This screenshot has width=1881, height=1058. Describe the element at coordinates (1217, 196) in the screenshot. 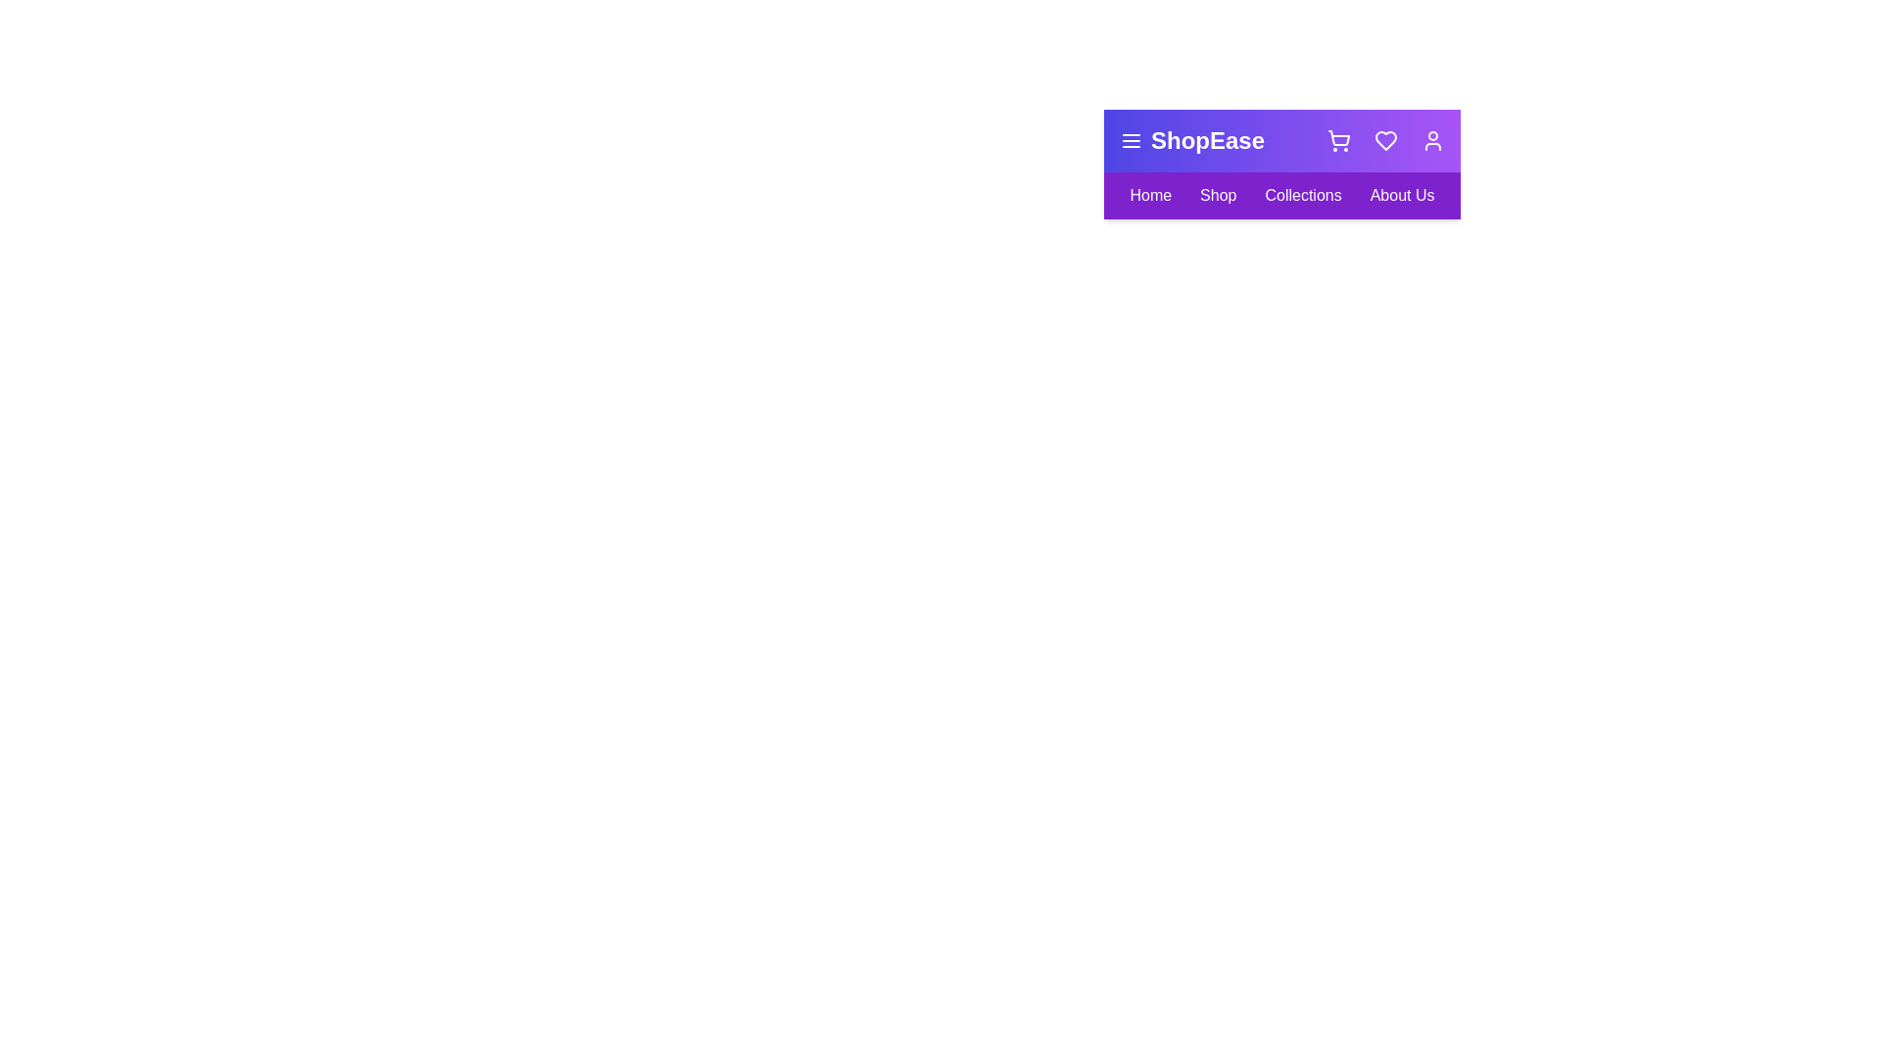

I see `the 'Shop' link in the navigation bar` at that location.